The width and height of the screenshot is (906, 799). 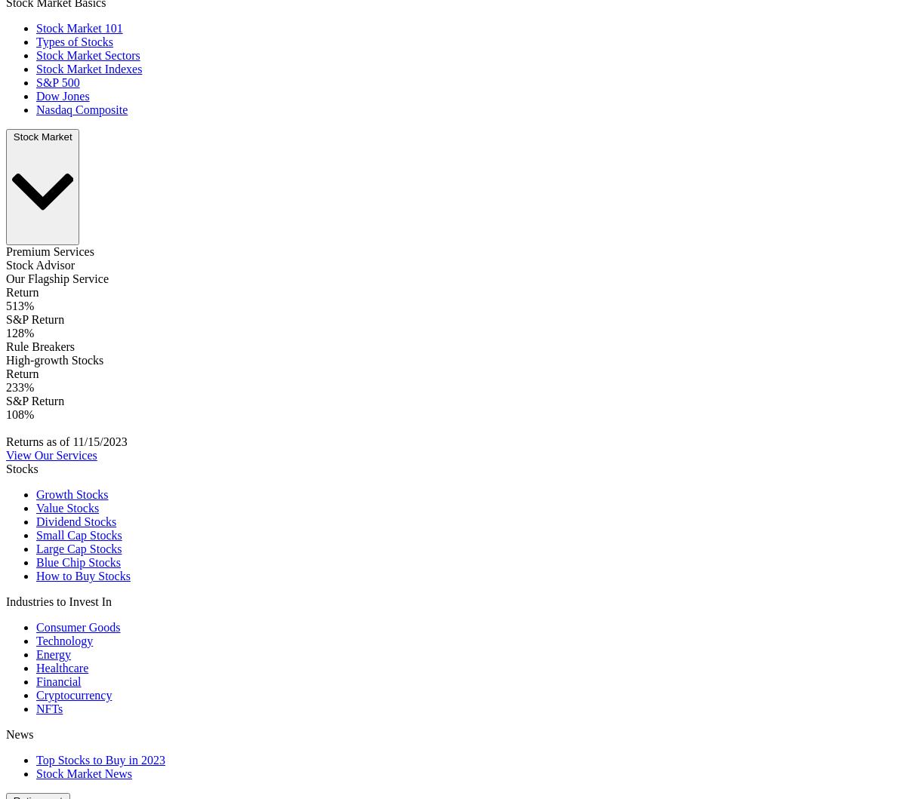 What do you see at coordinates (53, 654) in the screenshot?
I see `'Energy'` at bounding box center [53, 654].